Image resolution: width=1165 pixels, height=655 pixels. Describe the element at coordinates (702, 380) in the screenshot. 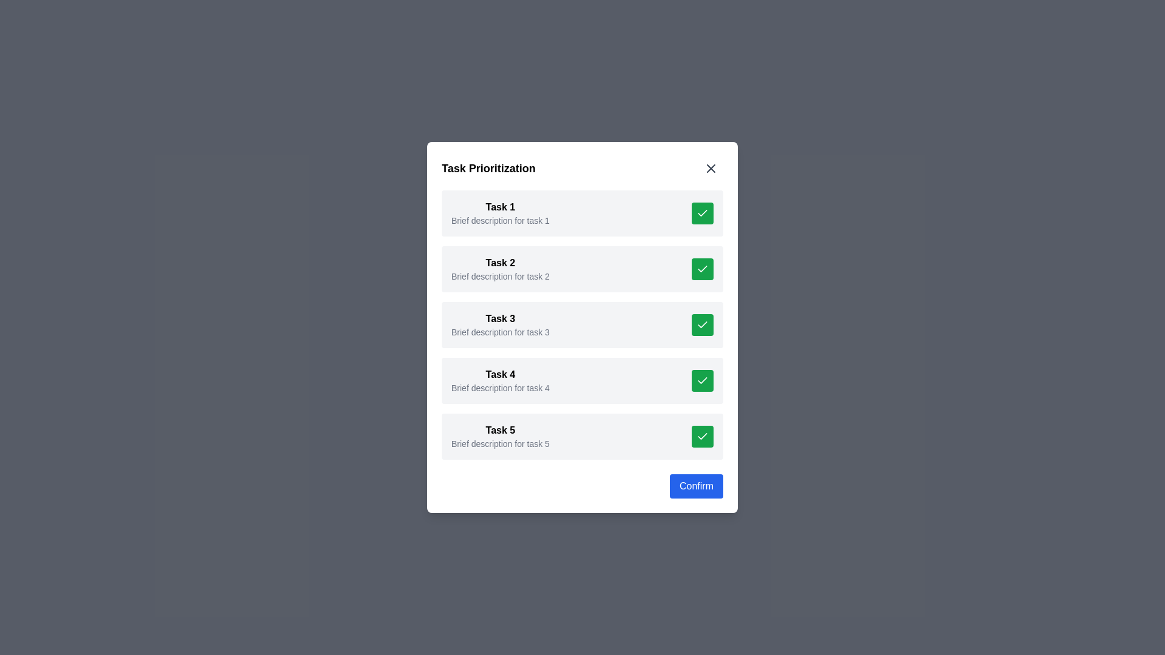

I see `the completed status icon within the green button located in the bottom-right corner of the 'Task 4' row to indicate that the task is marked as complete` at that location.